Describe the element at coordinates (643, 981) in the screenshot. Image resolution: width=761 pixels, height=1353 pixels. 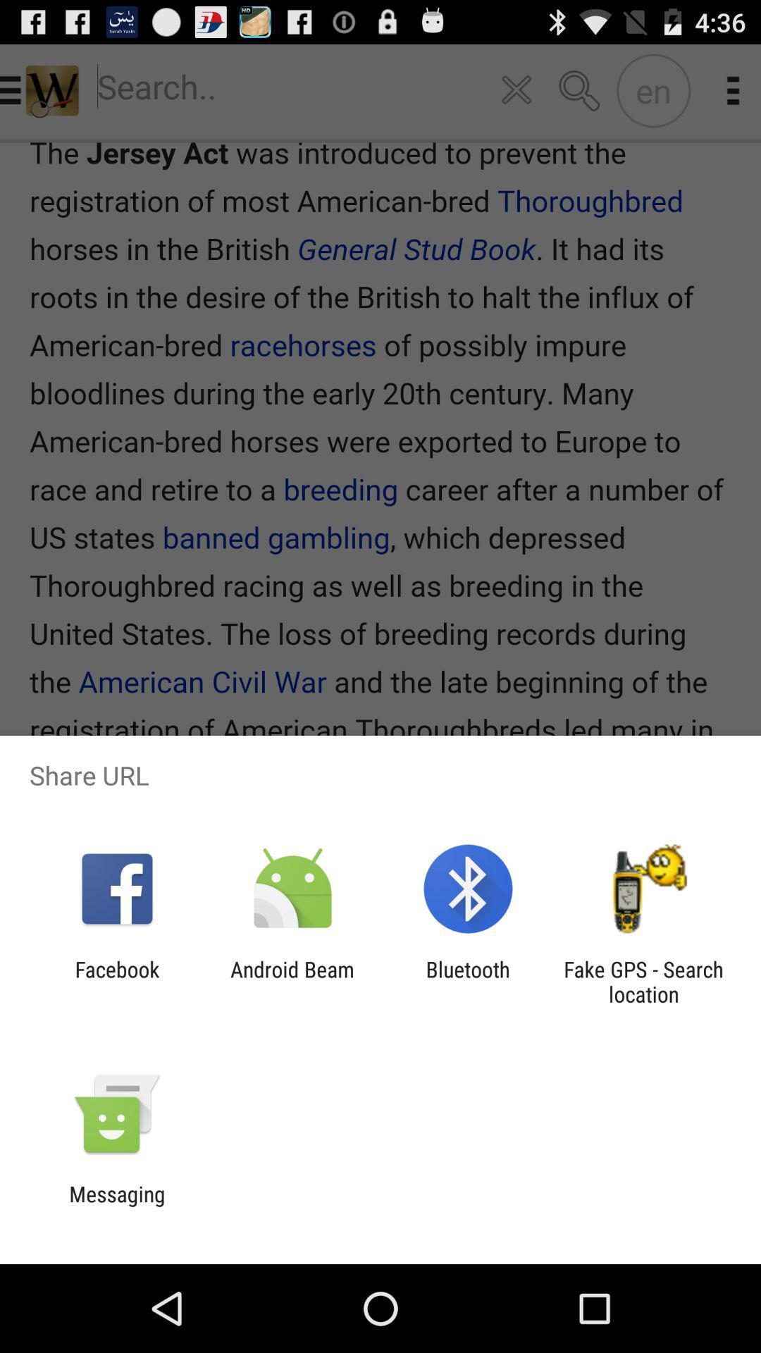
I see `item at the bottom right corner` at that location.